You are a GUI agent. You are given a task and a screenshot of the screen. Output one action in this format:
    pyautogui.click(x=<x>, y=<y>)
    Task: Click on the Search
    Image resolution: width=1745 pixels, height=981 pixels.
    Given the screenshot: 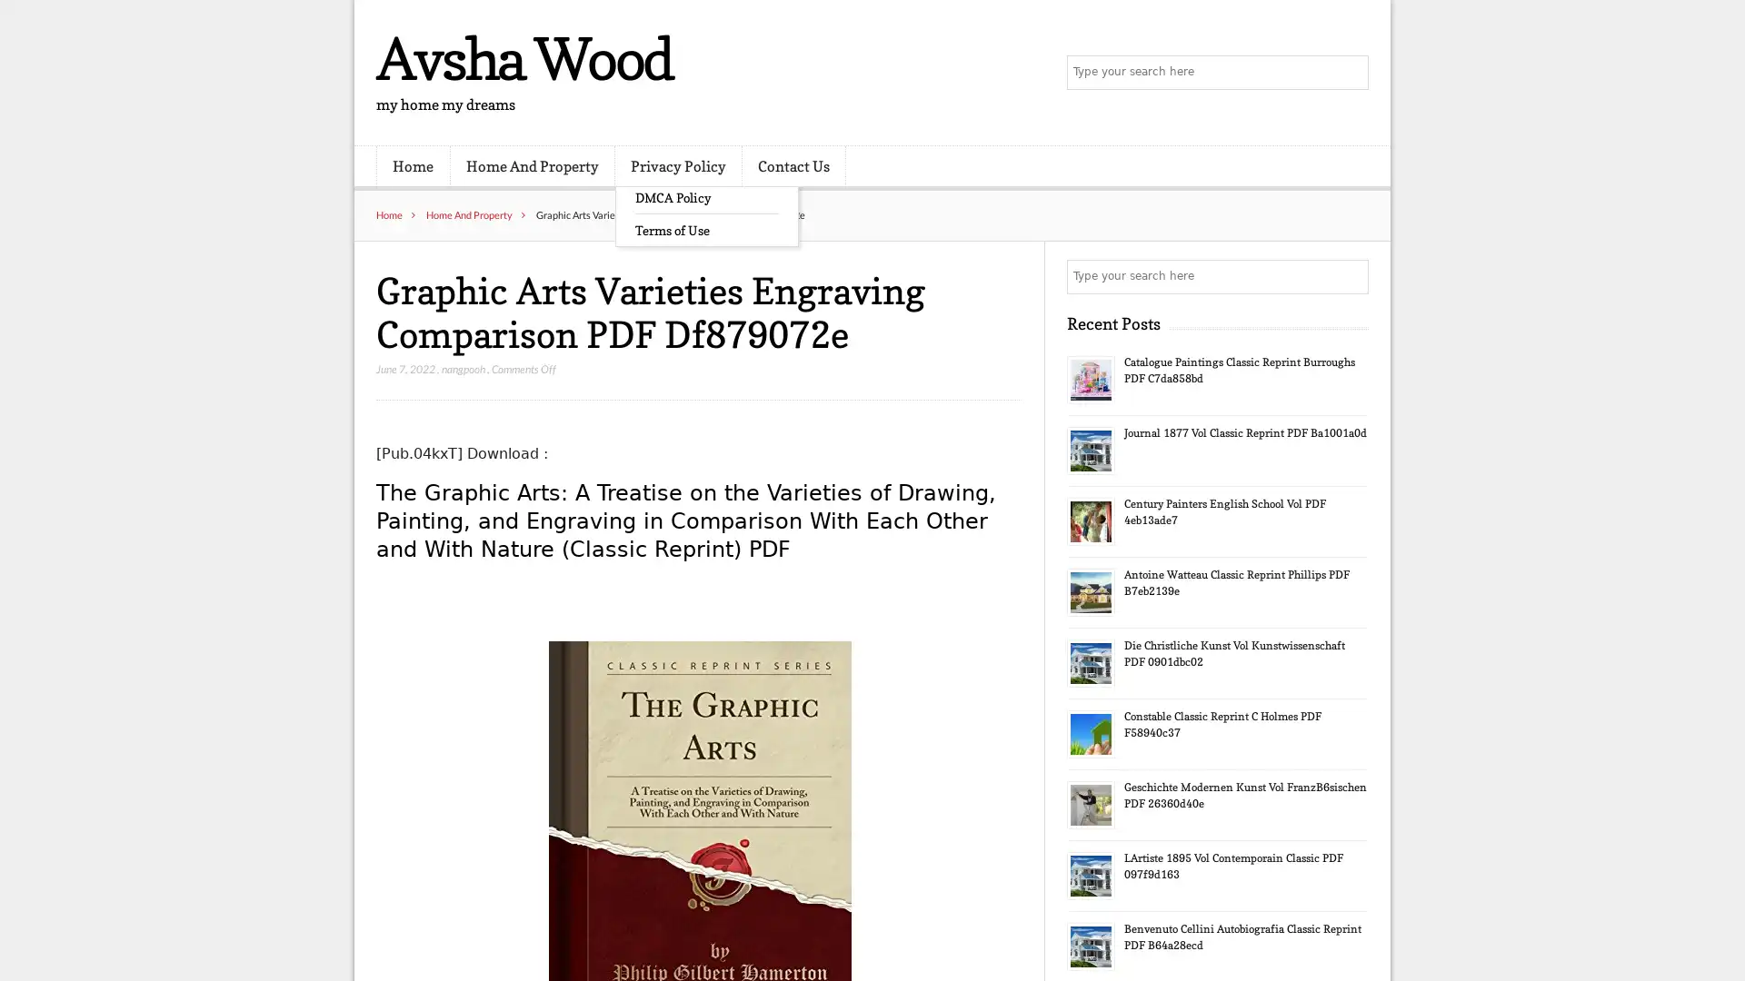 What is the action you would take?
    pyautogui.click(x=1350, y=276)
    